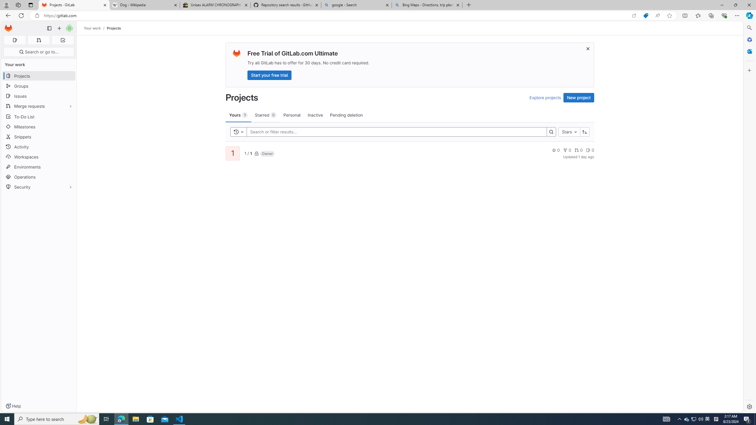 The width and height of the screenshot is (756, 425). What do you see at coordinates (38, 86) in the screenshot?
I see `'Groups'` at bounding box center [38, 86].